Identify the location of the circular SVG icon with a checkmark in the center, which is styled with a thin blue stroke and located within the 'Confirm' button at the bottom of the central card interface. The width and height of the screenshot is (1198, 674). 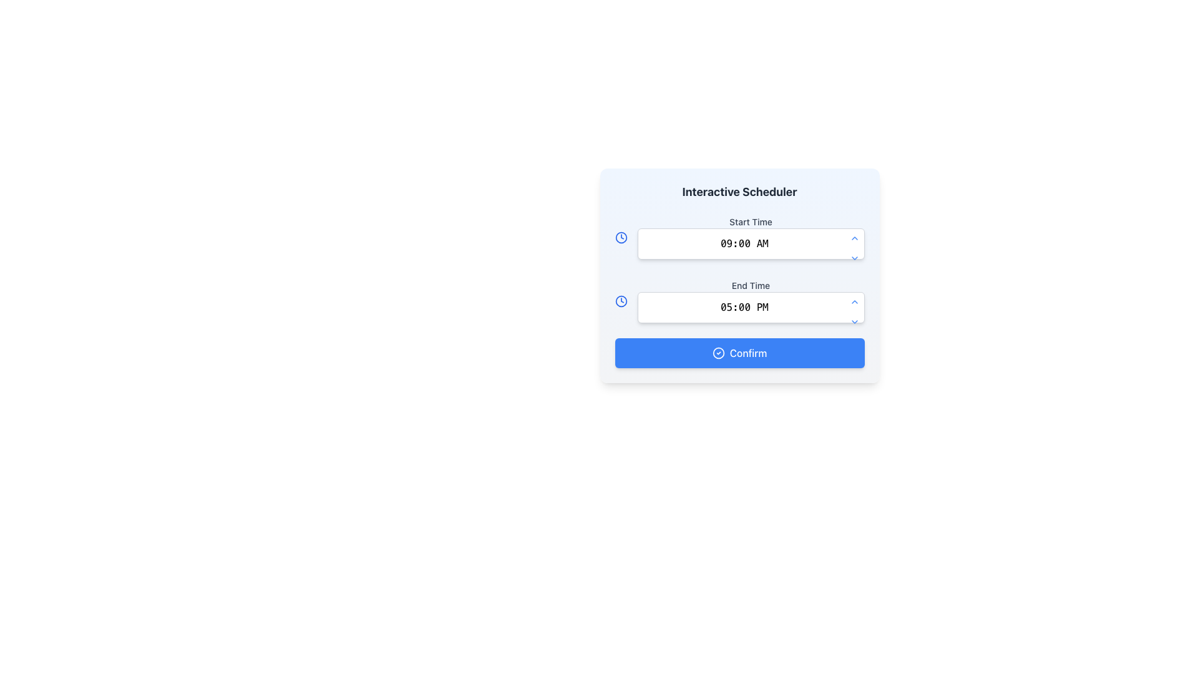
(718, 353).